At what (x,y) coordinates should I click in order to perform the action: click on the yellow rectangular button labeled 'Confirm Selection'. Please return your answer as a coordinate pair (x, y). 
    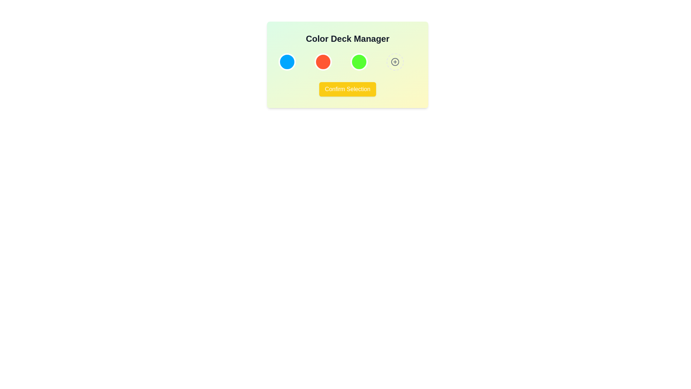
    Looking at the image, I should click on (347, 89).